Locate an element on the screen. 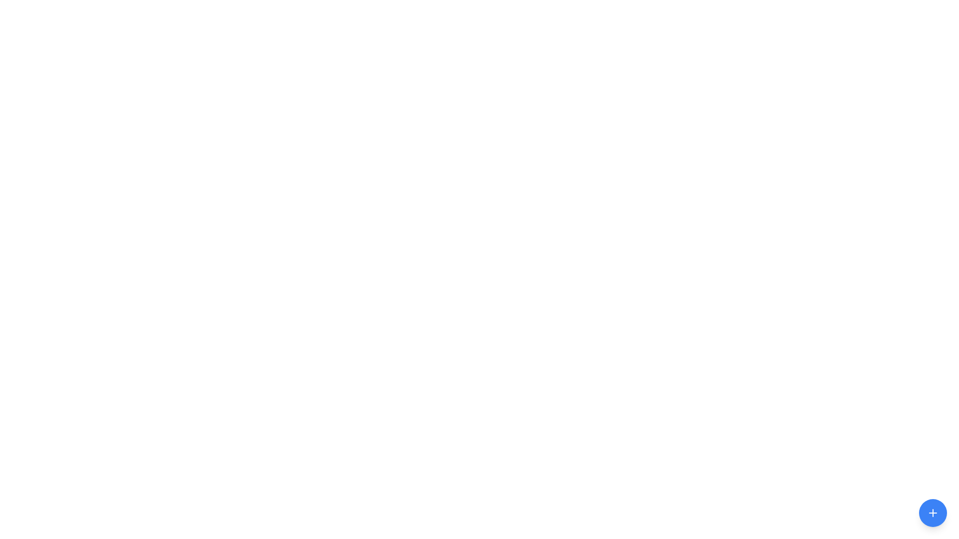  the blue circular button containing the 'plus' symbol icon located at the bottom-right corner of the interface is located at coordinates (932, 513).